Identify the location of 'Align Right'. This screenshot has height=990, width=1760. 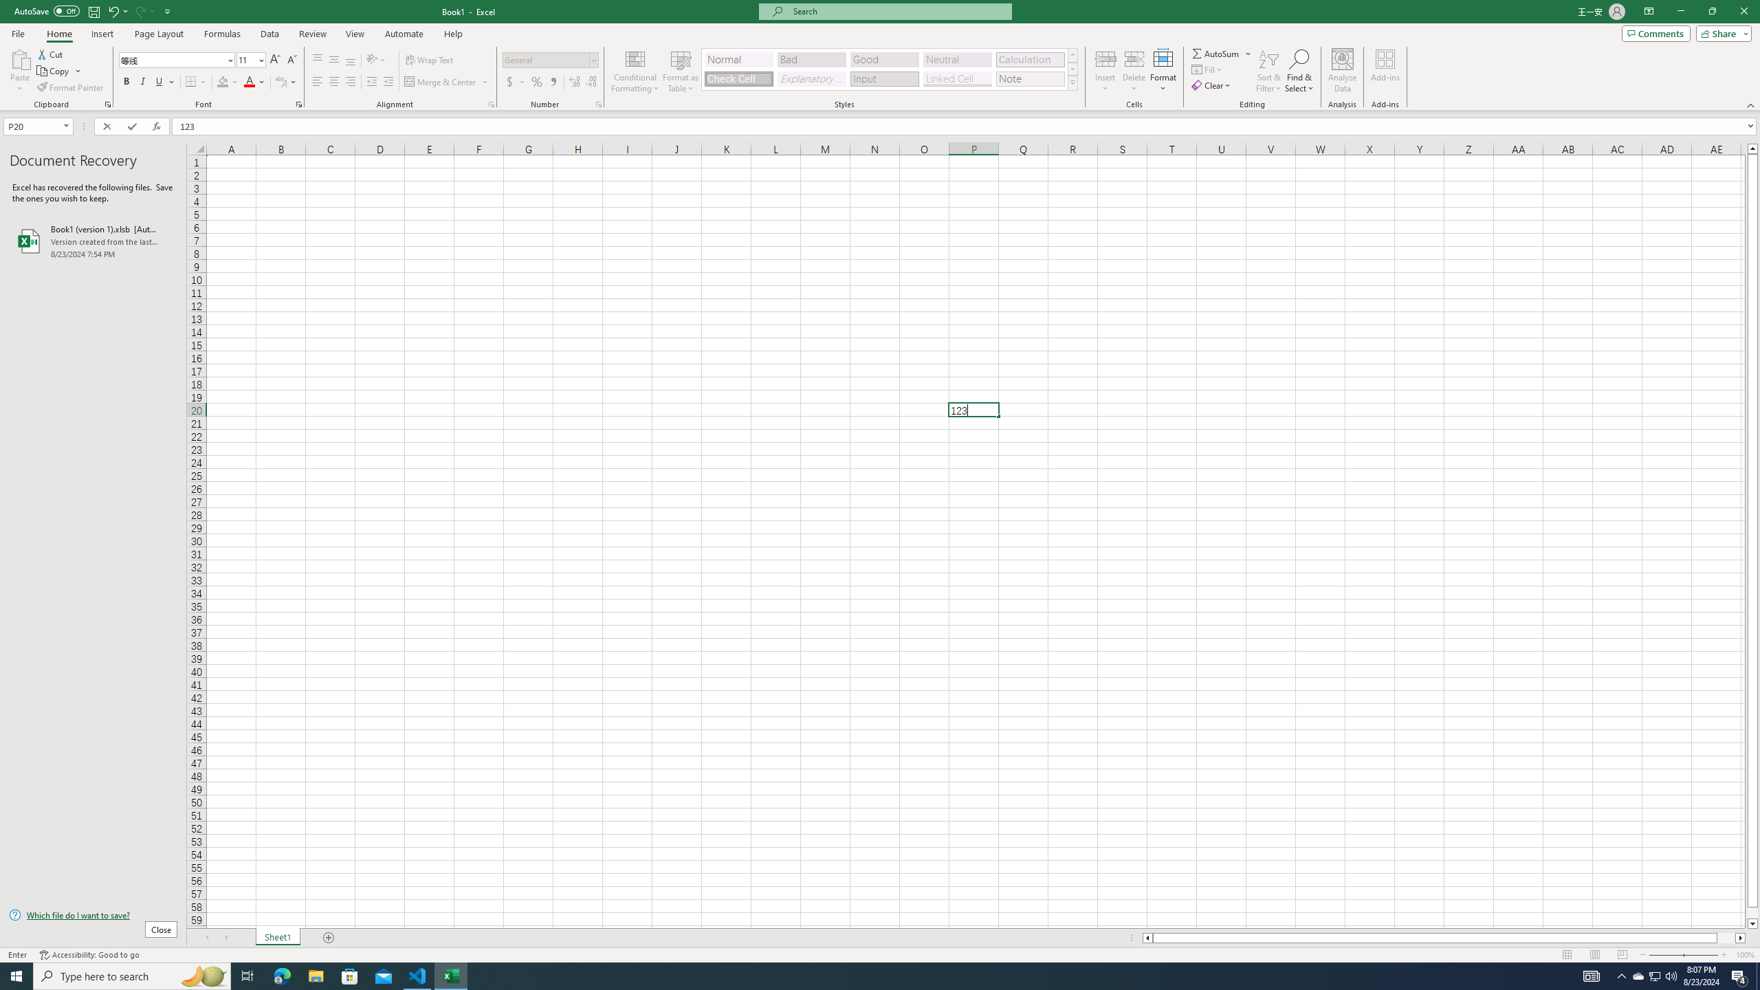
(350, 81).